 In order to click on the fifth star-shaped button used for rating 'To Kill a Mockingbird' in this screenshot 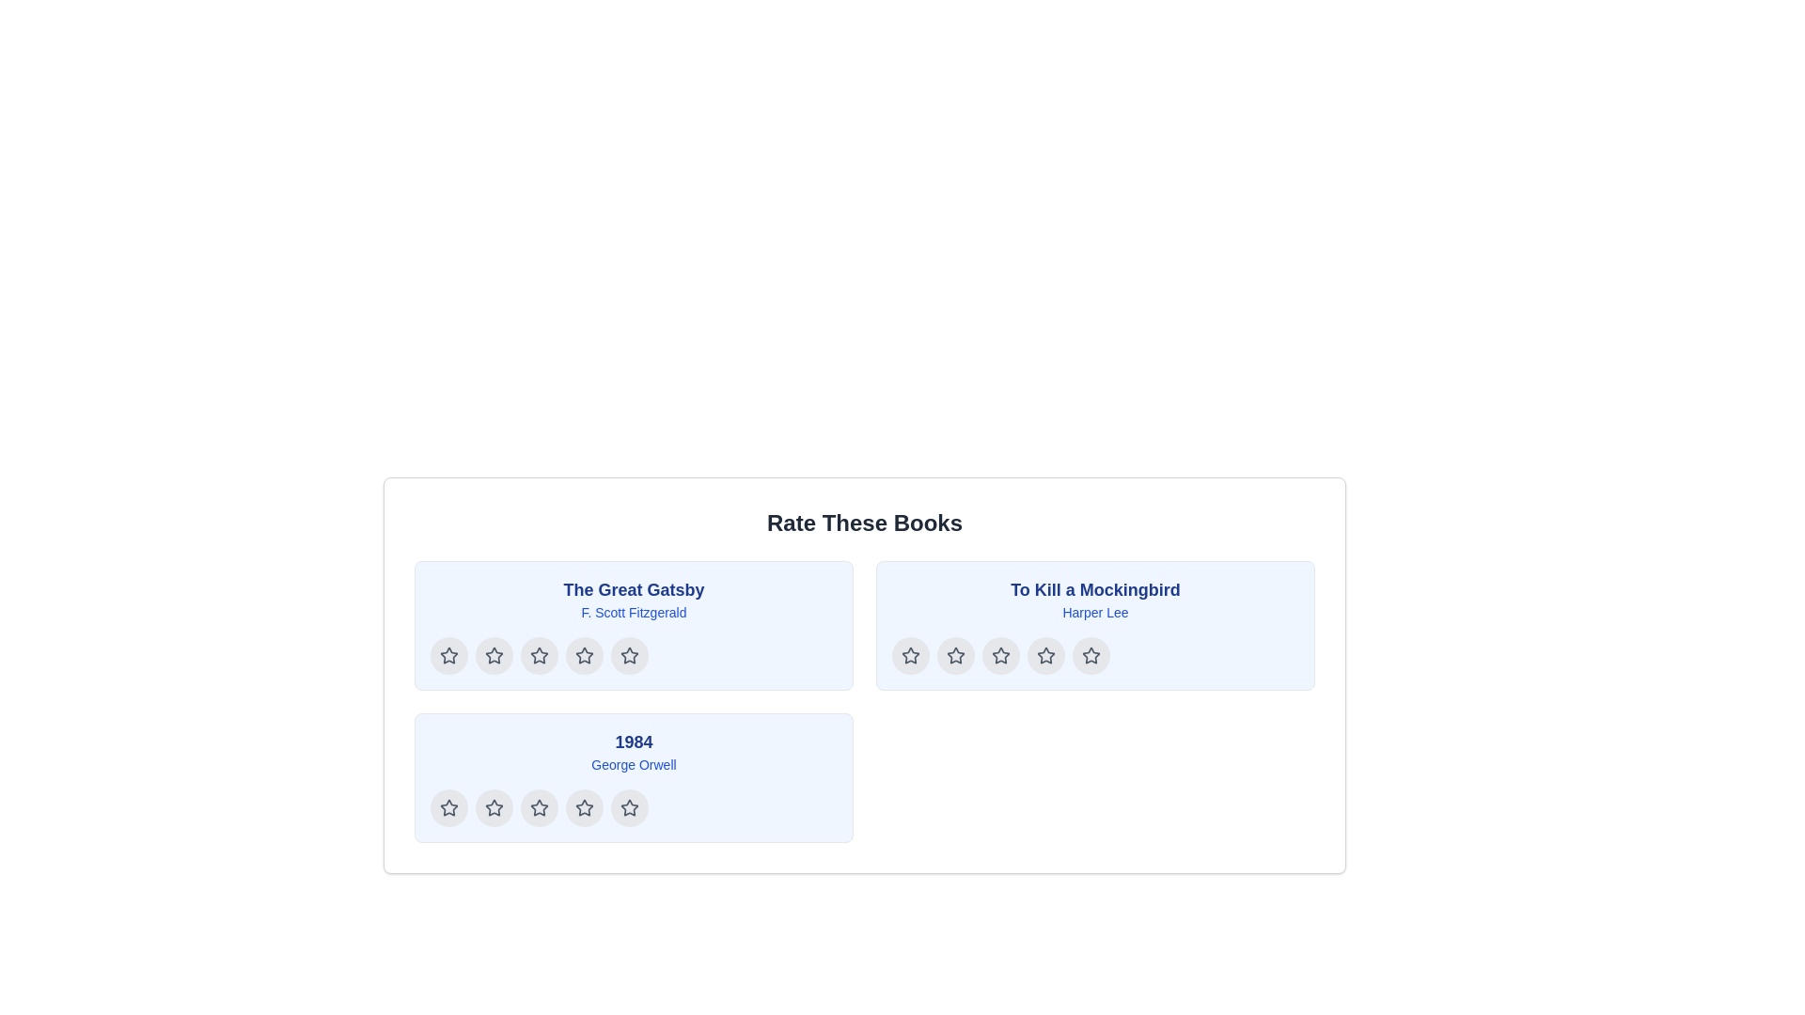, I will do `click(1091, 655)`.